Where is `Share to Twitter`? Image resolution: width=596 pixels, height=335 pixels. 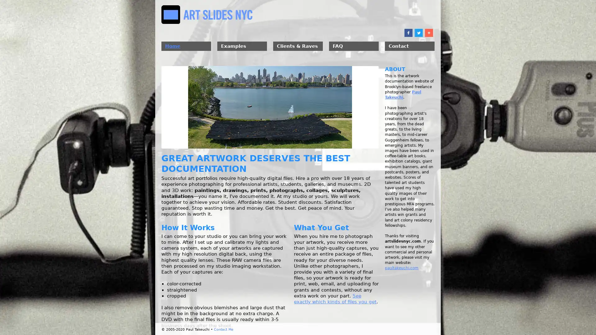
Share to Twitter is located at coordinates (411, 32).